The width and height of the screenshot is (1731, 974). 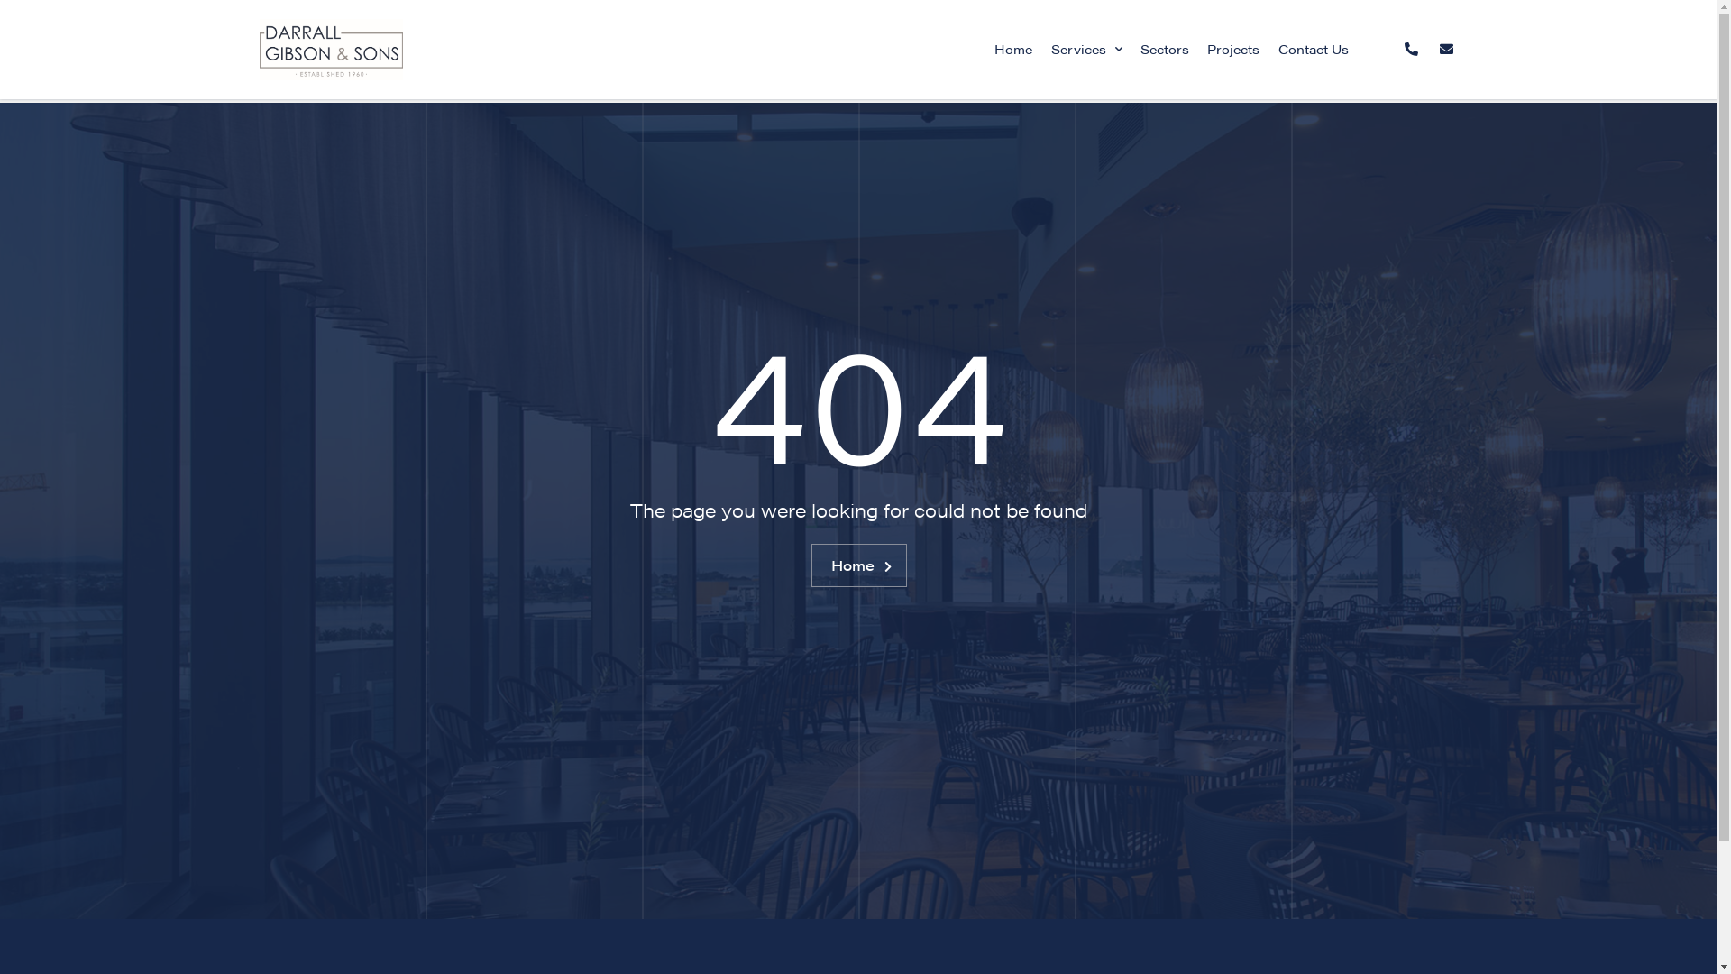 What do you see at coordinates (1314, 48) in the screenshot?
I see `'Contact Us'` at bounding box center [1314, 48].